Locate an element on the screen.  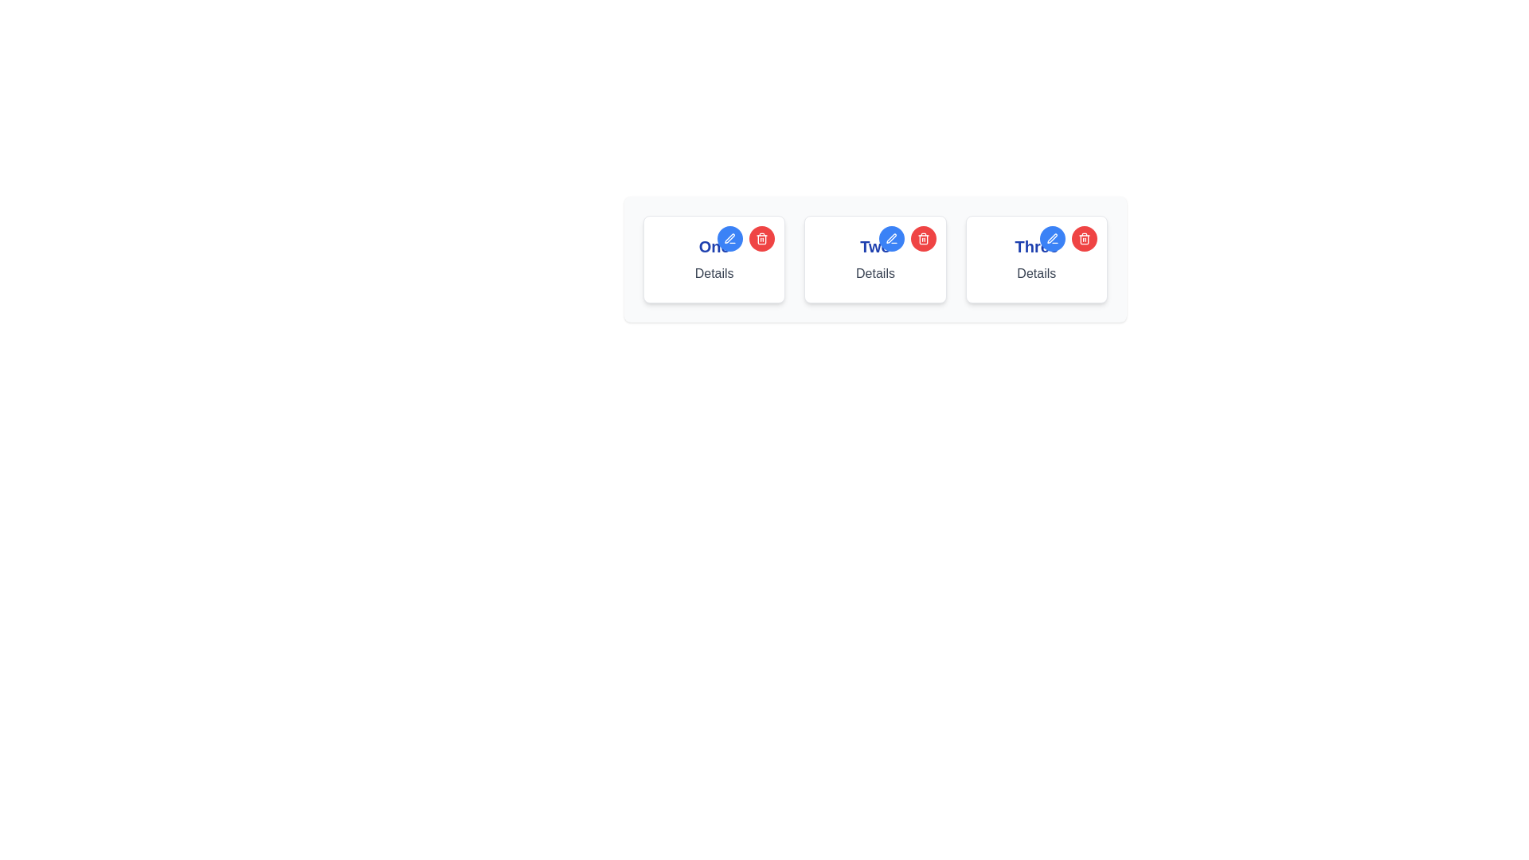
the static text label located in the middle card, which provides brief textual information about the card's content, situated directly below the title 'Two' is located at coordinates (874, 272).